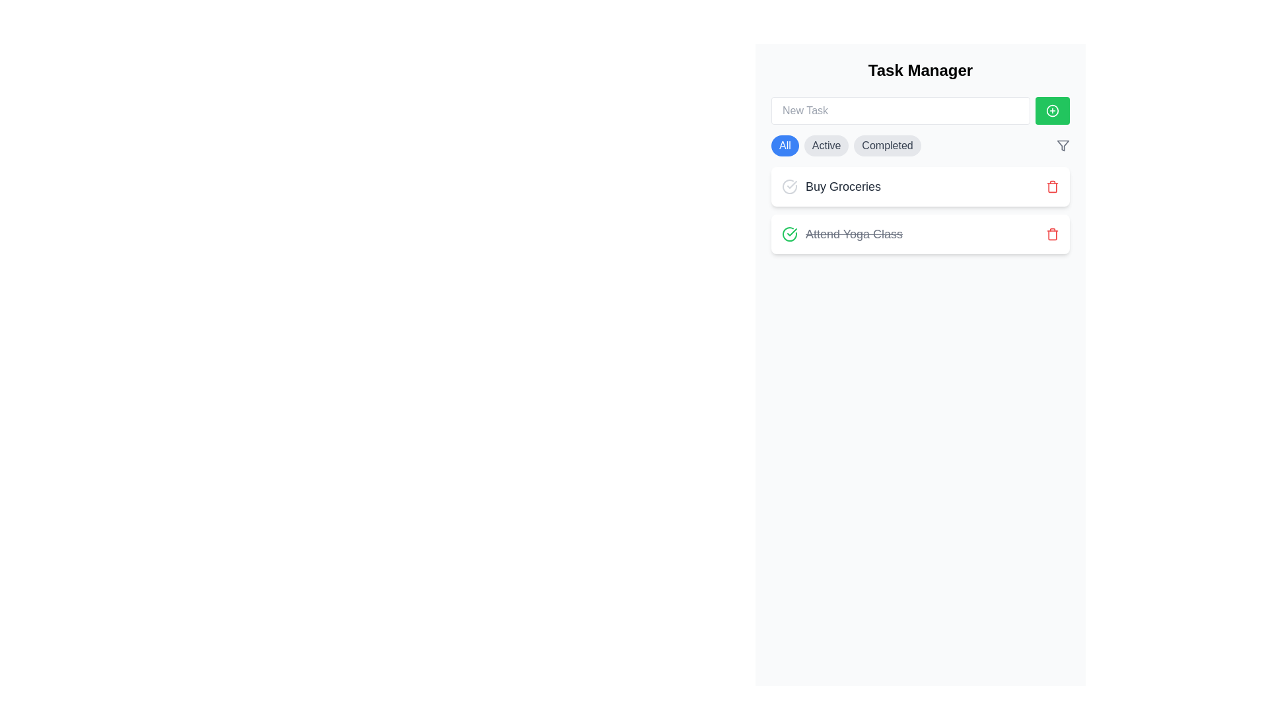 The height and width of the screenshot is (713, 1268). What do you see at coordinates (1063, 145) in the screenshot?
I see `the triangular funnel icon located at the top-right corner of the interface, adjacent to a green button with a plus sign` at bounding box center [1063, 145].